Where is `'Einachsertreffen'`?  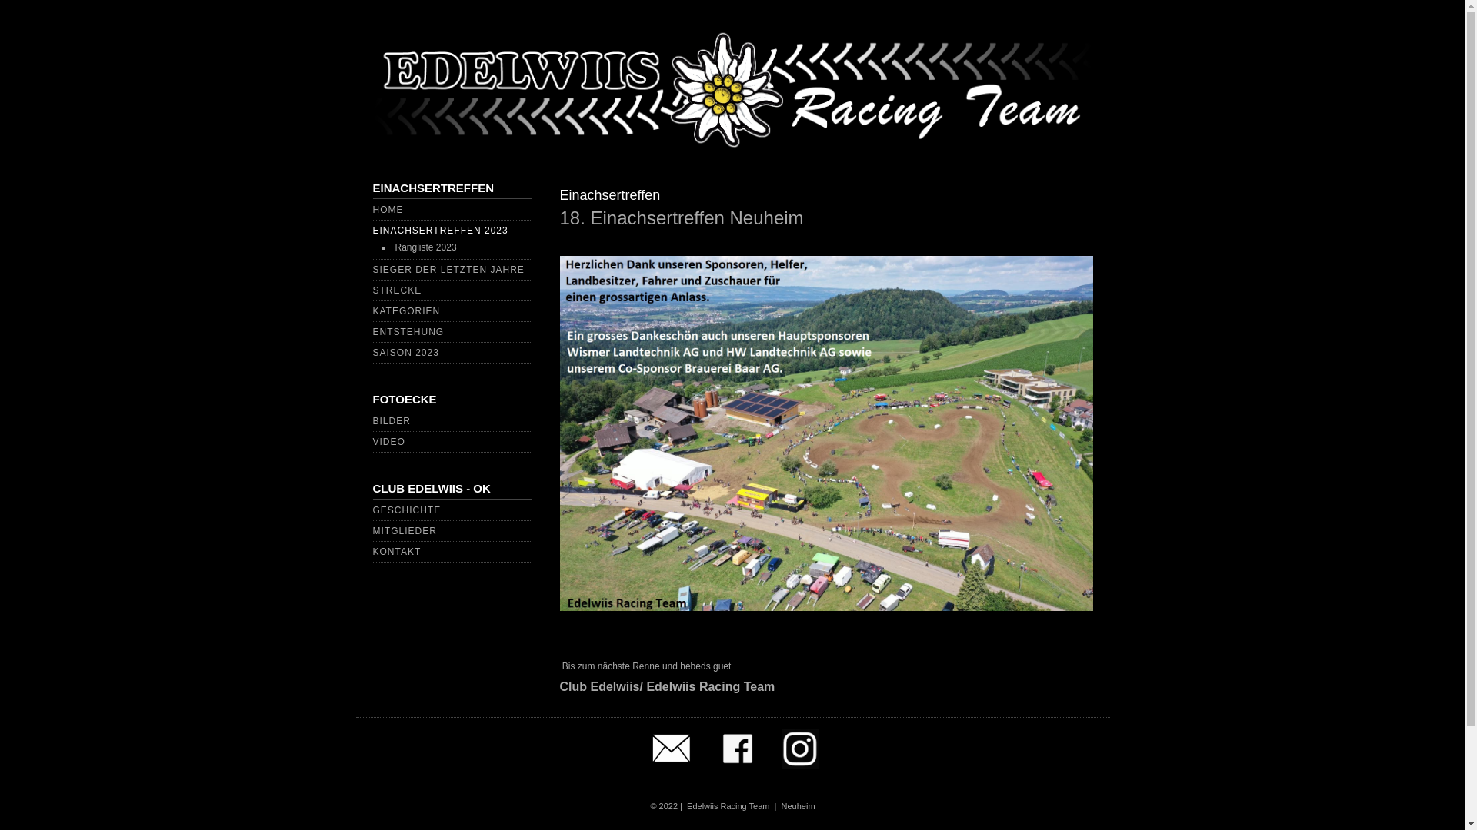 'Einachsertreffen' is located at coordinates (609, 194).